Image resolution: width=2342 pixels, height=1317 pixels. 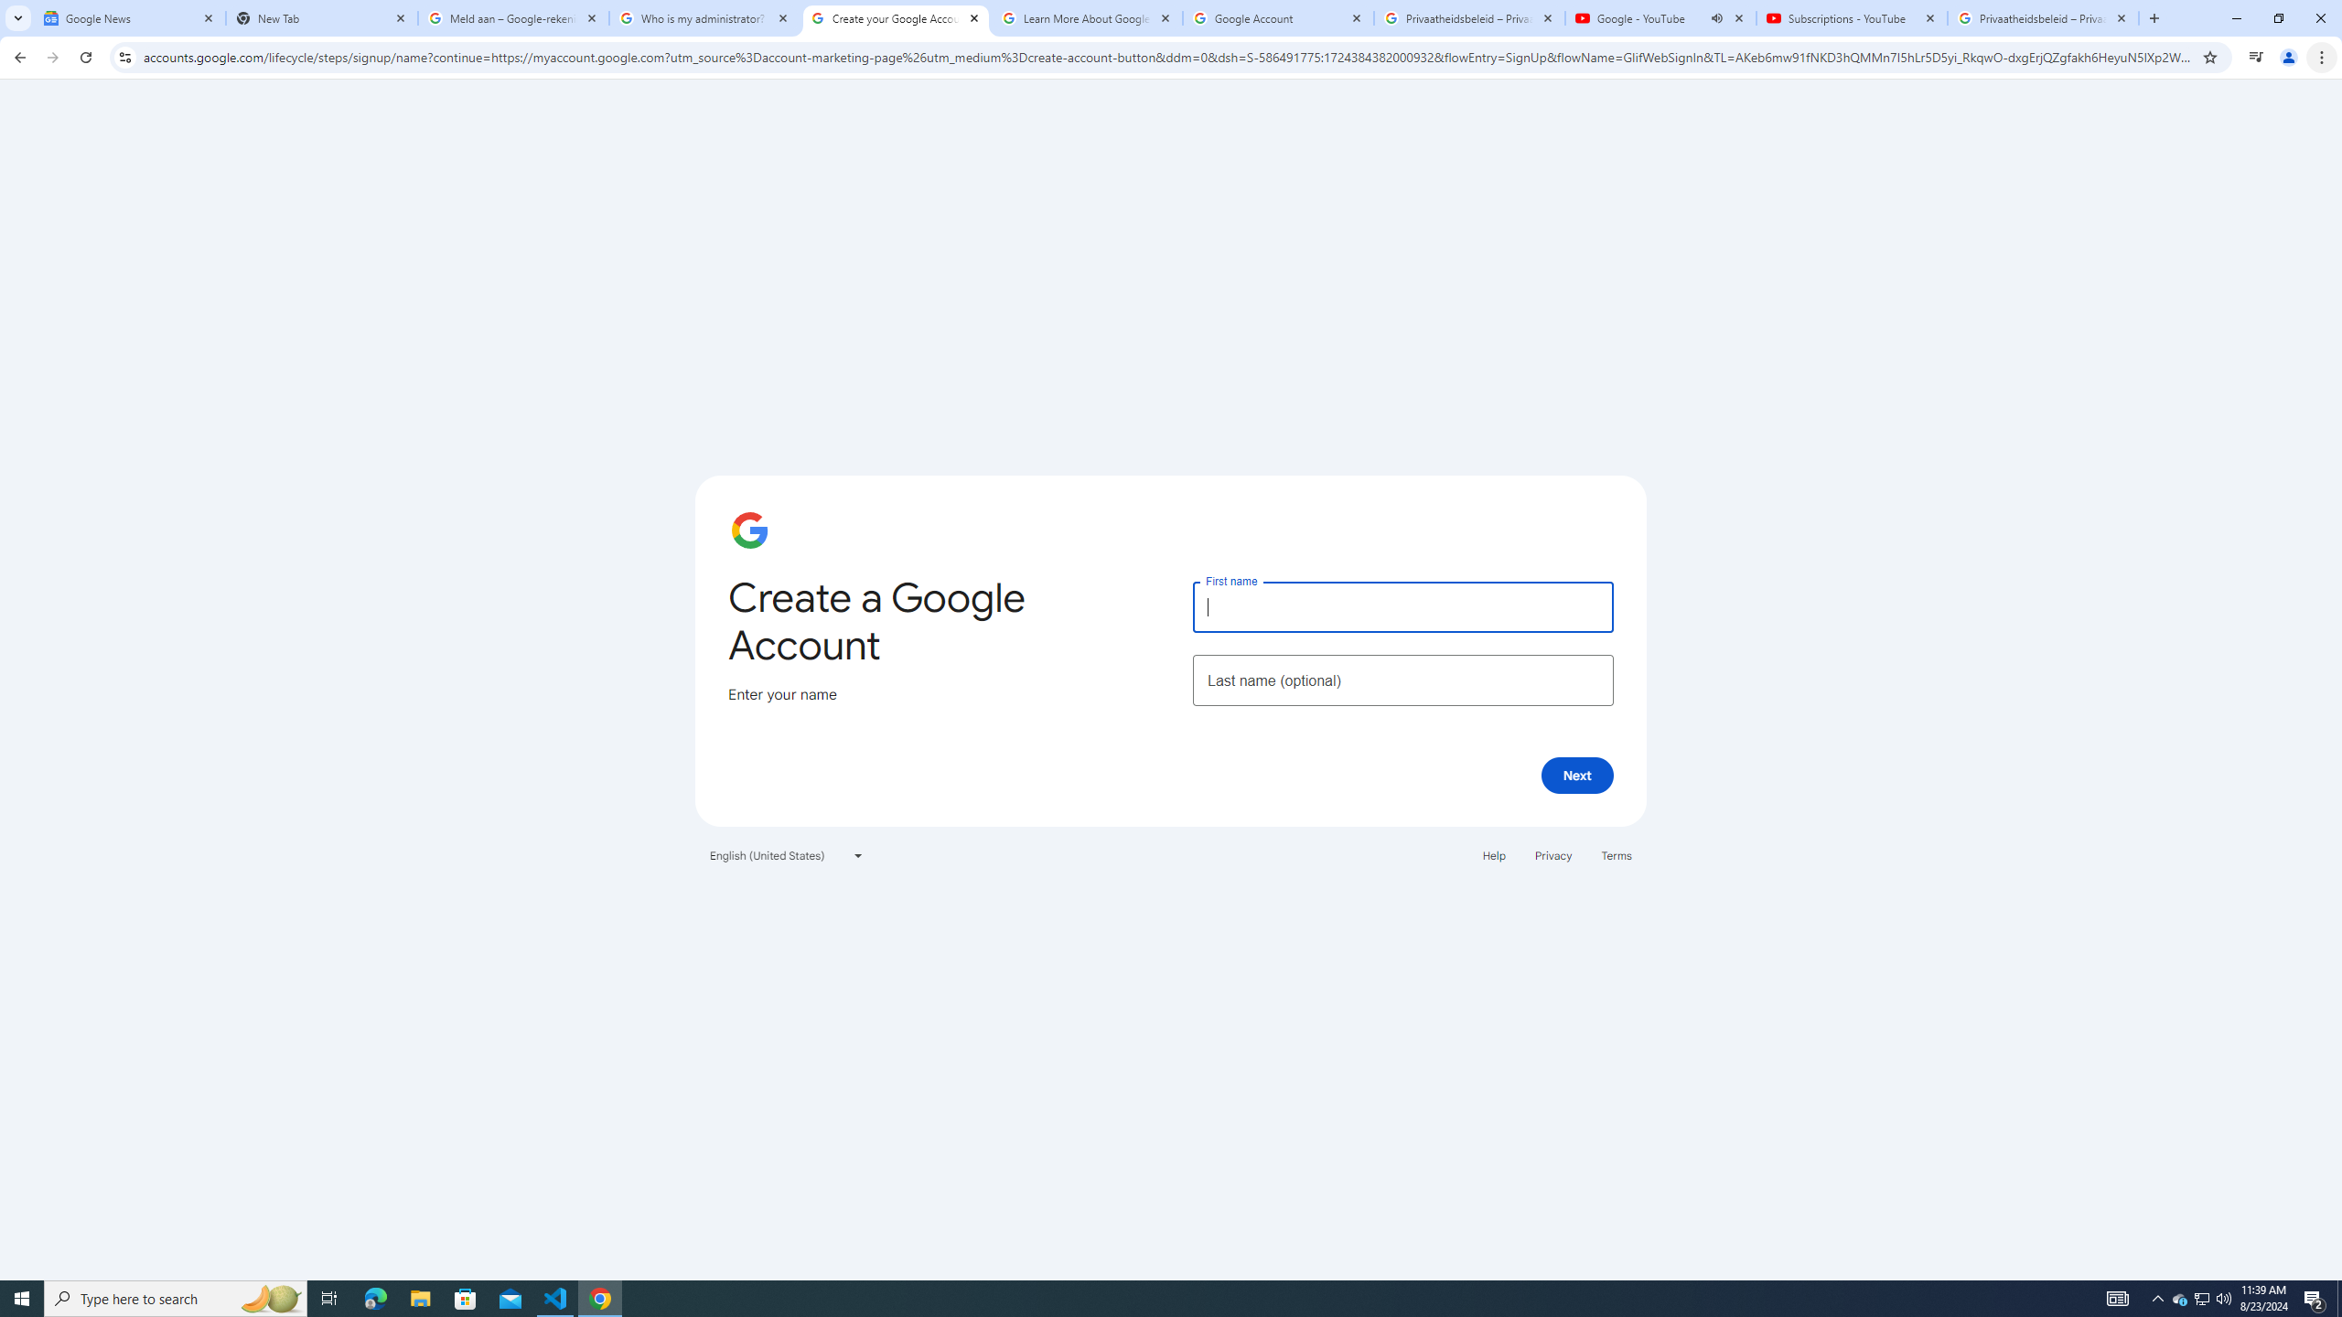 I want to click on 'Google - YouTube - Audio playing', so click(x=1660, y=17).